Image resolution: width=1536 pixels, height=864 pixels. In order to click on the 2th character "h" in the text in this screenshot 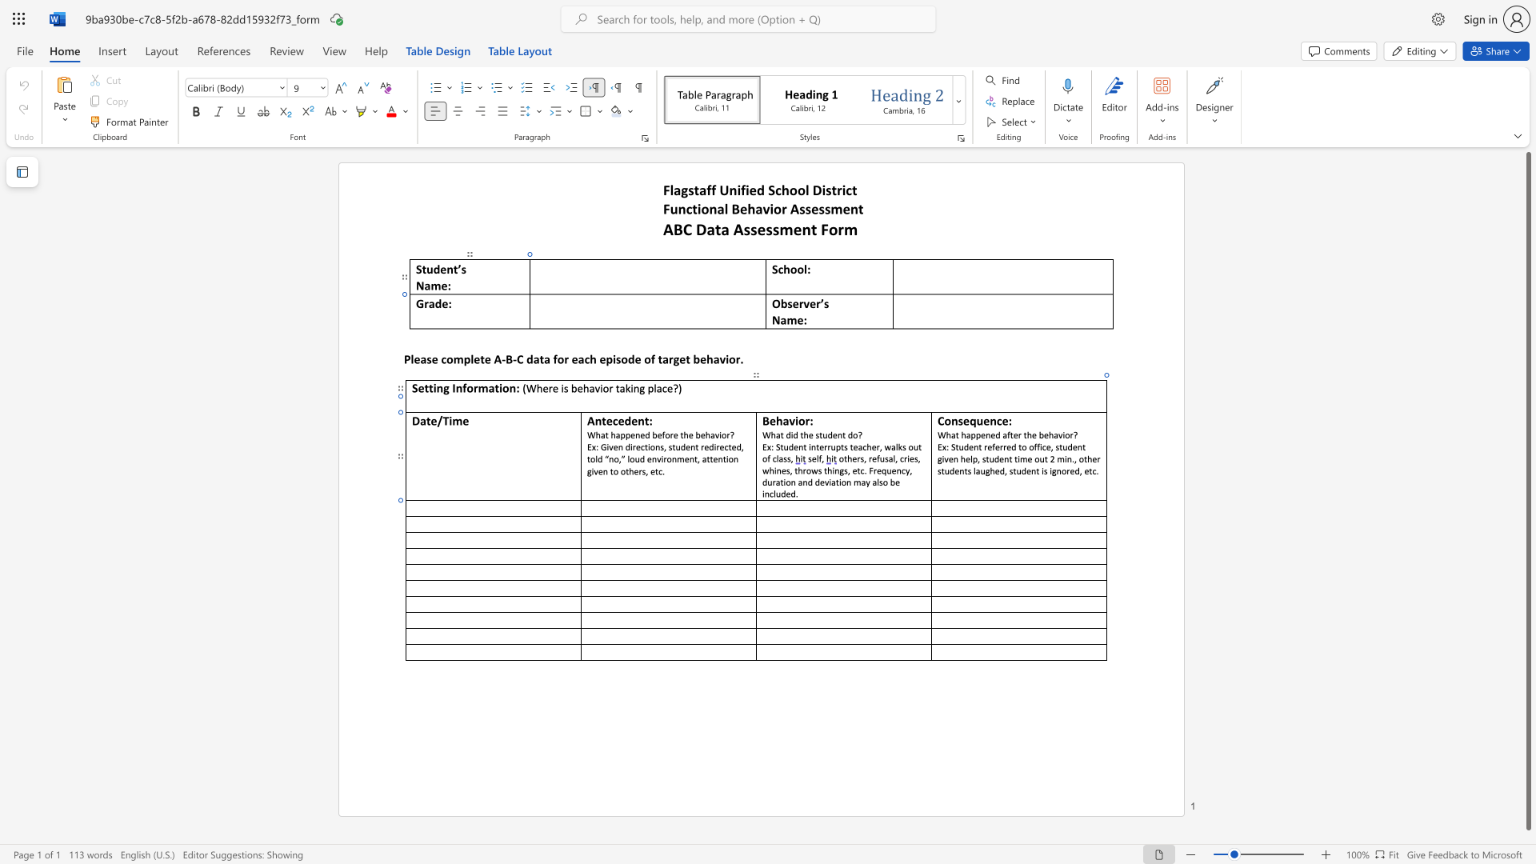, I will do `click(771, 470)`.